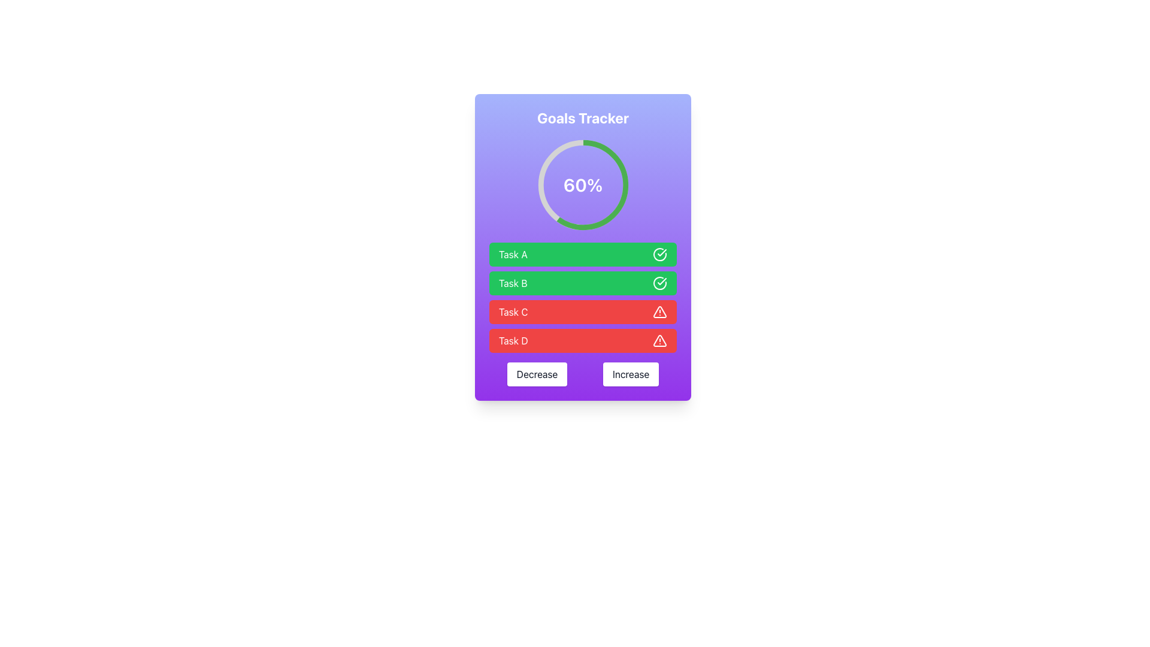  What do you see at coordinates (630, 373) in the screenshot?
I see `the 'Increase' button, which is a small rectangular button with a white background and black text, located at the bottom center of the interface, to the right of the 'Decrease' button` at bounding box center [630, 373].